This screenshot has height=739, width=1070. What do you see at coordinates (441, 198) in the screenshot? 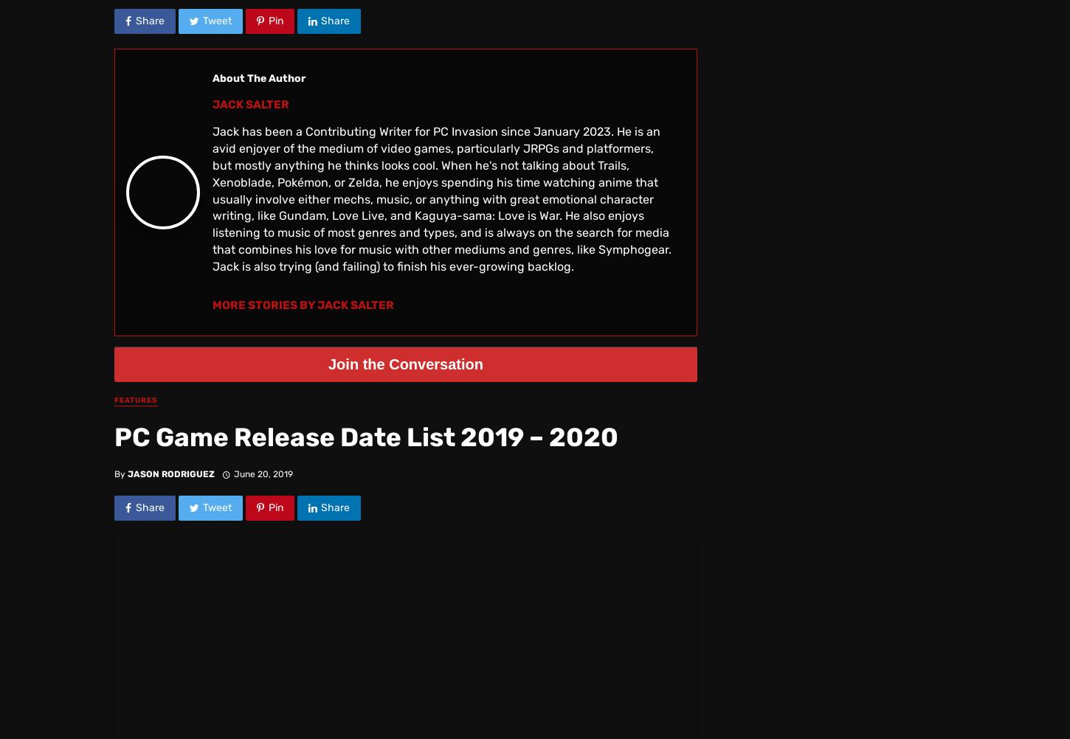
I see `'Jack has been a Contributing Writer for PC Invasion since January 2023. He is an avid enjoyer of the medium of video games, particularly JRPGs and platformers, but mostly anything he thinks looks cool. When he's not talking about Trails, Xenoblade, Pokémon, or Zelda, he enjoys spending his time watching anime that usually involve either mechs, music, or anything with great emotional character writing, like Gundam, Love Live, and Kaguya-sama: Love is War. He also enjoys listening to music of most genres and types, and is always on the search for media that combines his love for music with other mediums and genres, like Symphogear. Jack is also trying (and failing) to finish his ever-growing backlog.'` at bounding box center [441, 198].